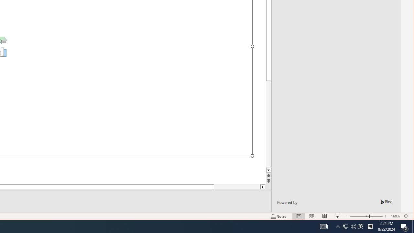 Image resolution: width=414 pixels, height=233 pixels. What do you see at coordinates (349, 226) in the screenshot?
I see `'User Promoted Notification Area'` at bounding box center [349, 226].